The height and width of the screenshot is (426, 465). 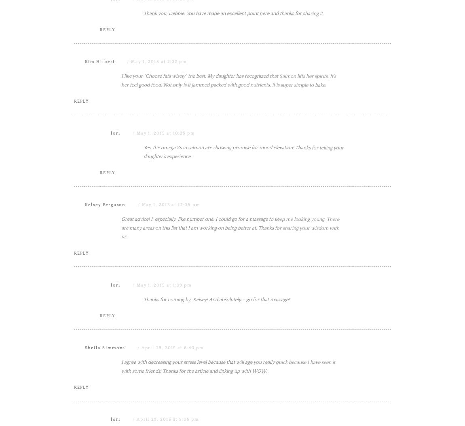 What do you see at coordinates (229, 31) in the screenshot?
I see `'Beautiful tips. Life can be so simple and yet we make things so complicated. Lovely inspirational post.'` at bounding box center [229, 31].